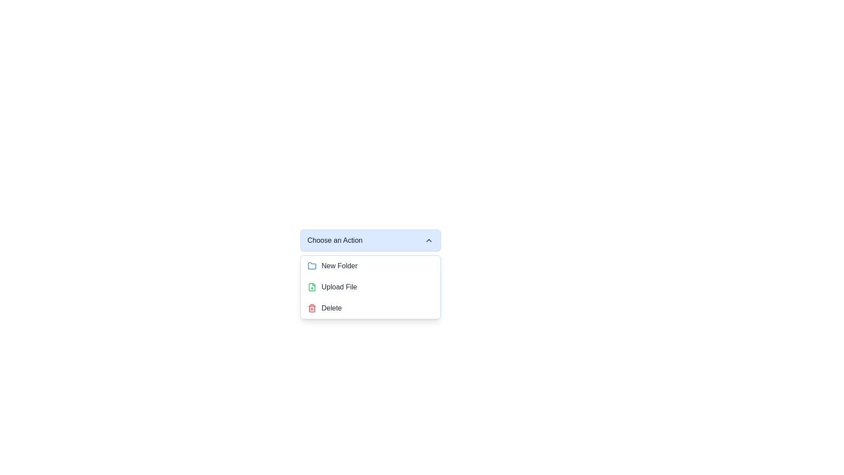  What do you see at coordinates (370, 241) in the screenshot?
I see `the dropdown menu header labeled 'Choose an Action'` at bounding box center [370, 241].